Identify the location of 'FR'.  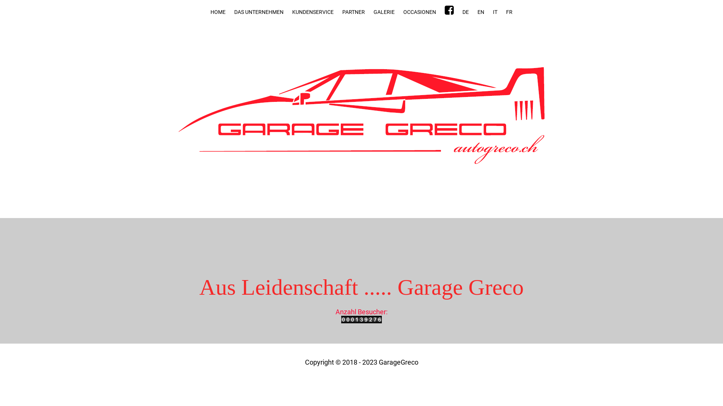
(509, 12).